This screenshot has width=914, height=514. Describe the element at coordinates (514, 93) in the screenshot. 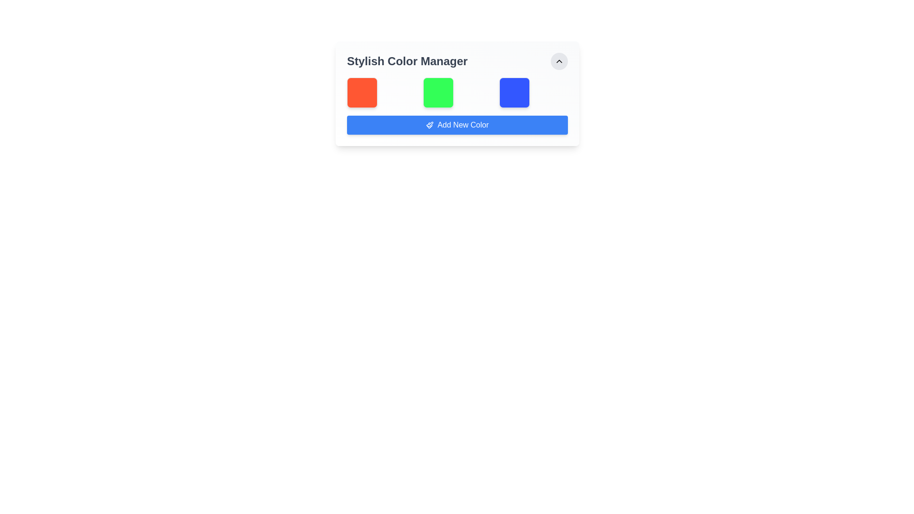

I see `the selectable color block representing the color blue, which is the third box in the row under 'Stylish Color Manager'` at that location.